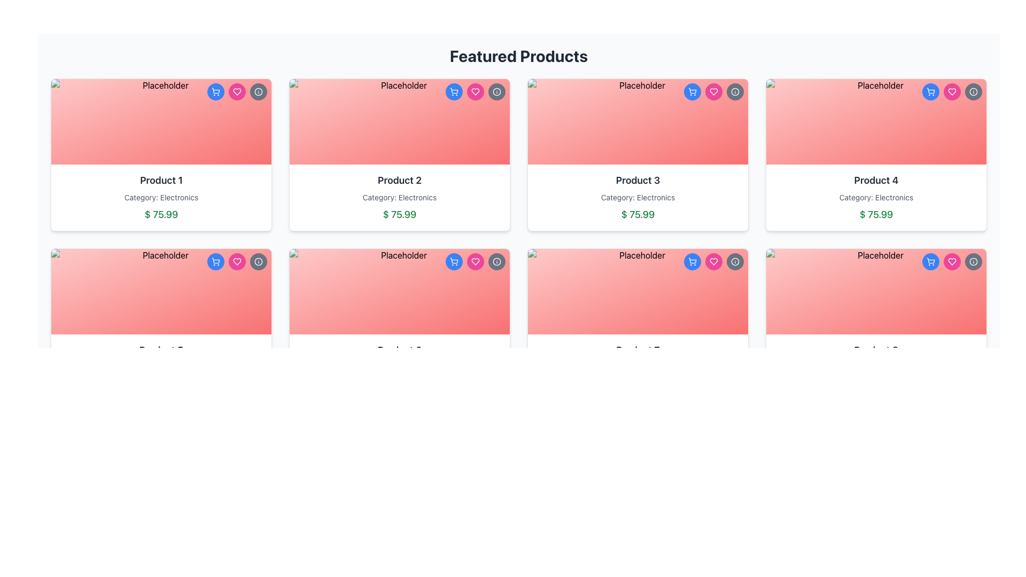 This screenshot has width=1026, height=577. I want to click on the favorite icon located in the top-right area of the second product card in the product grid layout to mark the product as favorite, so click(475, 91).